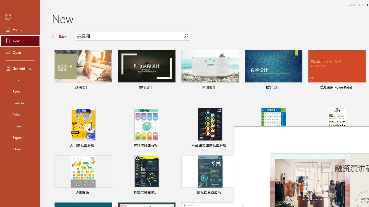 This screenshot has width=369, height=207. Describe the element at coordinates (129, 37) in the screenshot. I see `'Search for online templates and themes'` at that location.